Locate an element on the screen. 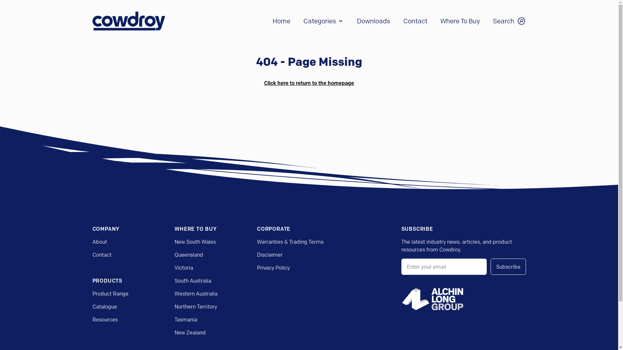  'New Zealand' is located at coordinates (174, 332).